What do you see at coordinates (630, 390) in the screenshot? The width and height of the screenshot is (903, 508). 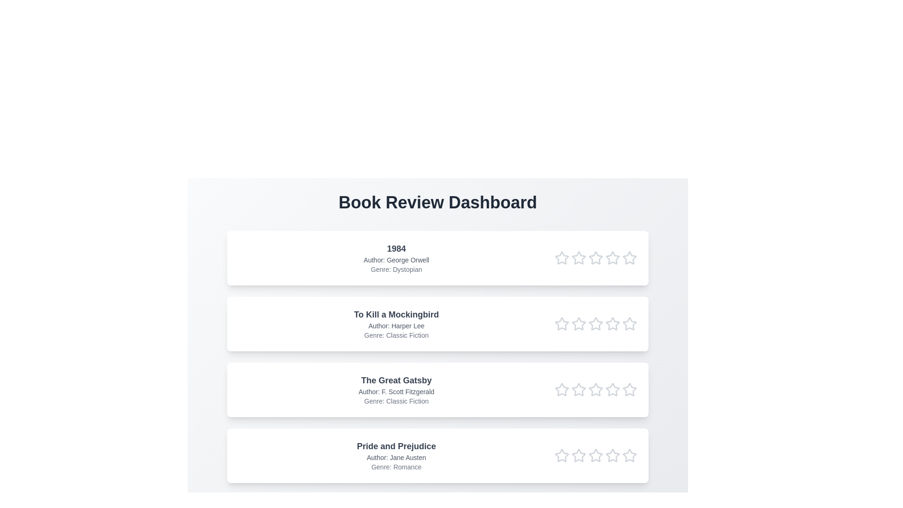 I see `the rating of the book 'The Great Gatsby' to 5 stars by clicking on the respective star` at bounding box center [630, 390].